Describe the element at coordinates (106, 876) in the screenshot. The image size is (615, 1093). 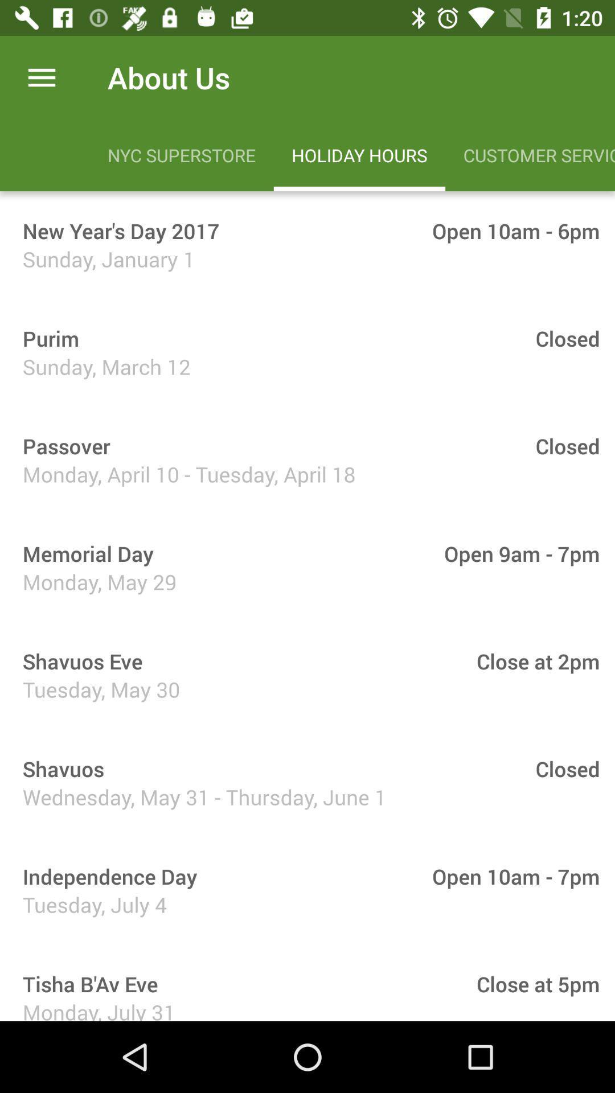
I see `the independence day` at that location.